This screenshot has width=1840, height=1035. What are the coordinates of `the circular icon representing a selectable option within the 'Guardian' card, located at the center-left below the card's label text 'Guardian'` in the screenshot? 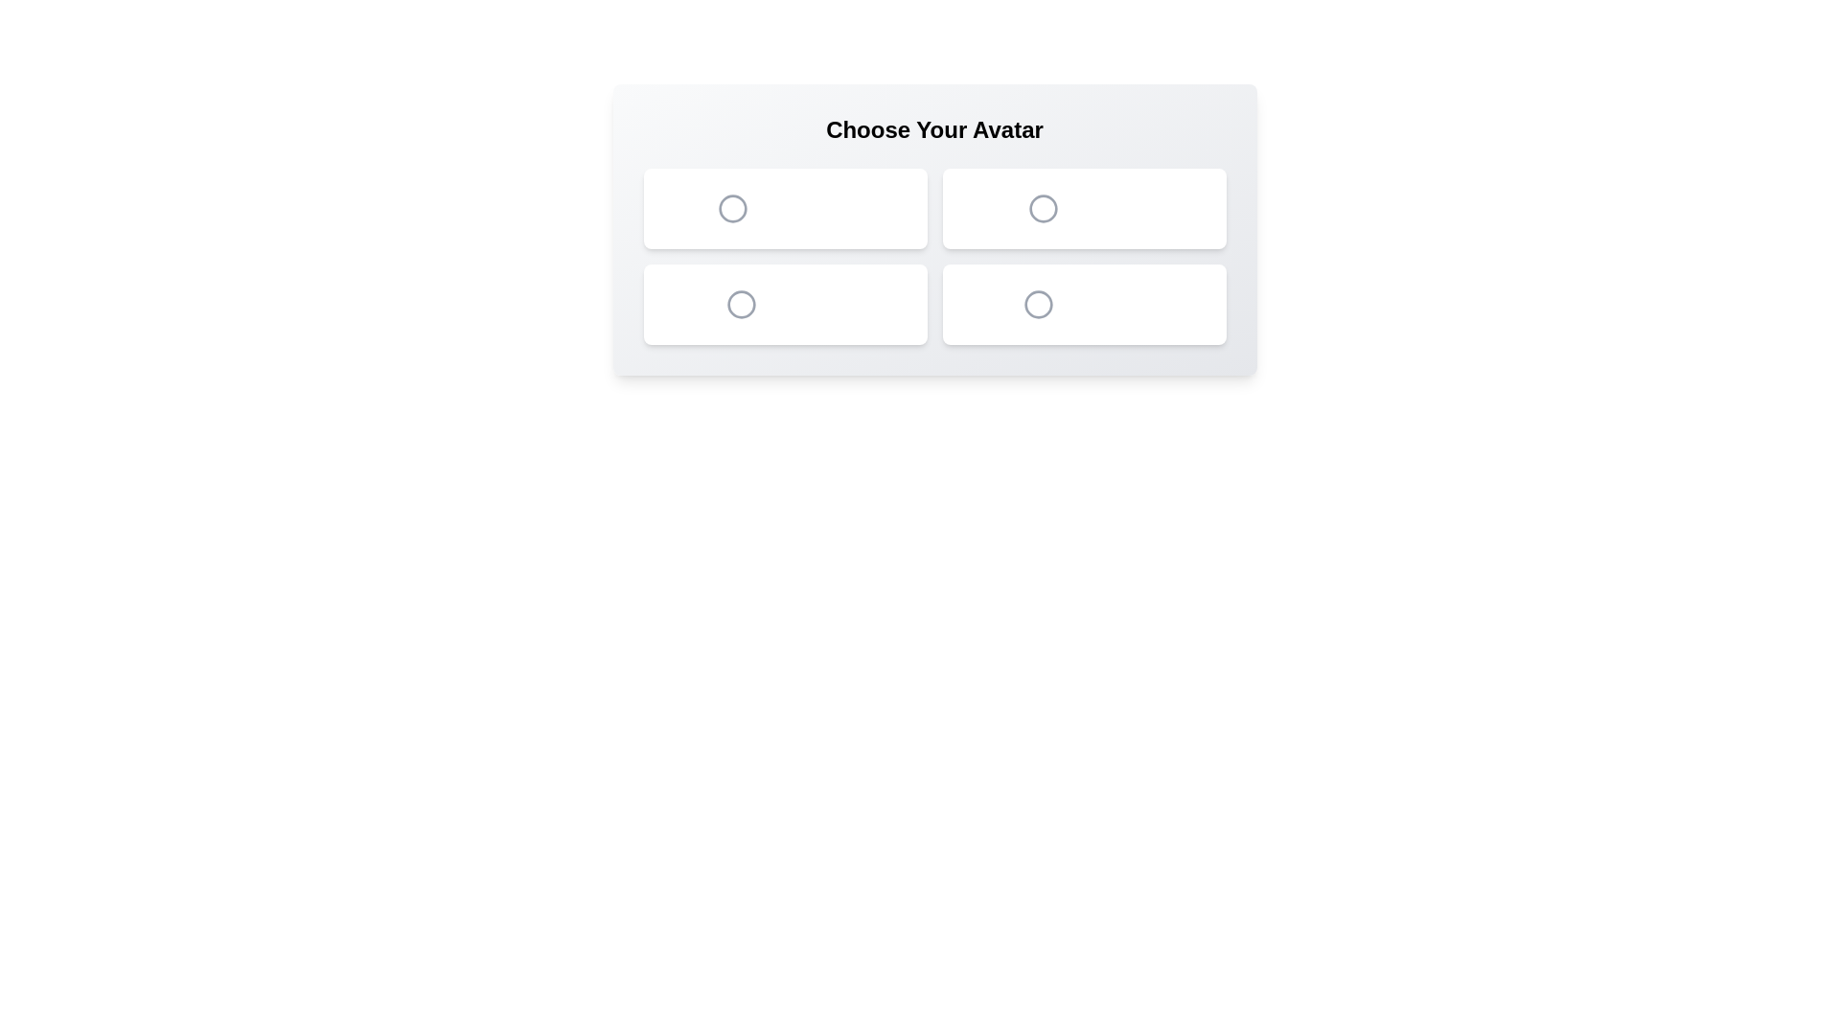 It's located at (740, 303).